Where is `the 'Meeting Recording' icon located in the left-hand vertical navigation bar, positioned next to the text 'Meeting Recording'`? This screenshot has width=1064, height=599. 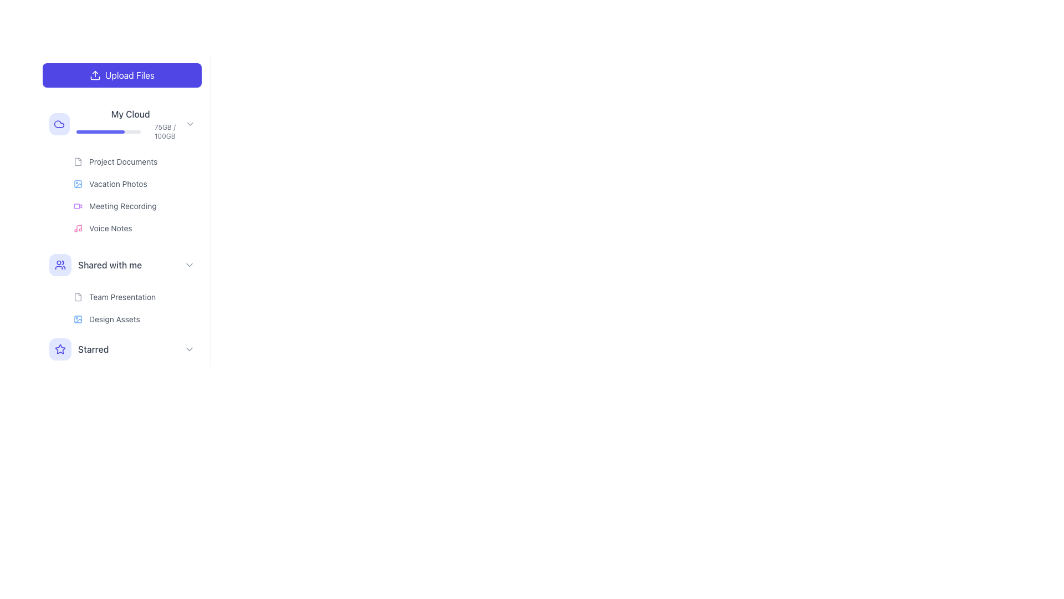
the 'Meeting Recording' icon located in the left-hand vertical navigation bar, positioned next to the text 'Meeting Recording' is located at coordinates (77, 206).